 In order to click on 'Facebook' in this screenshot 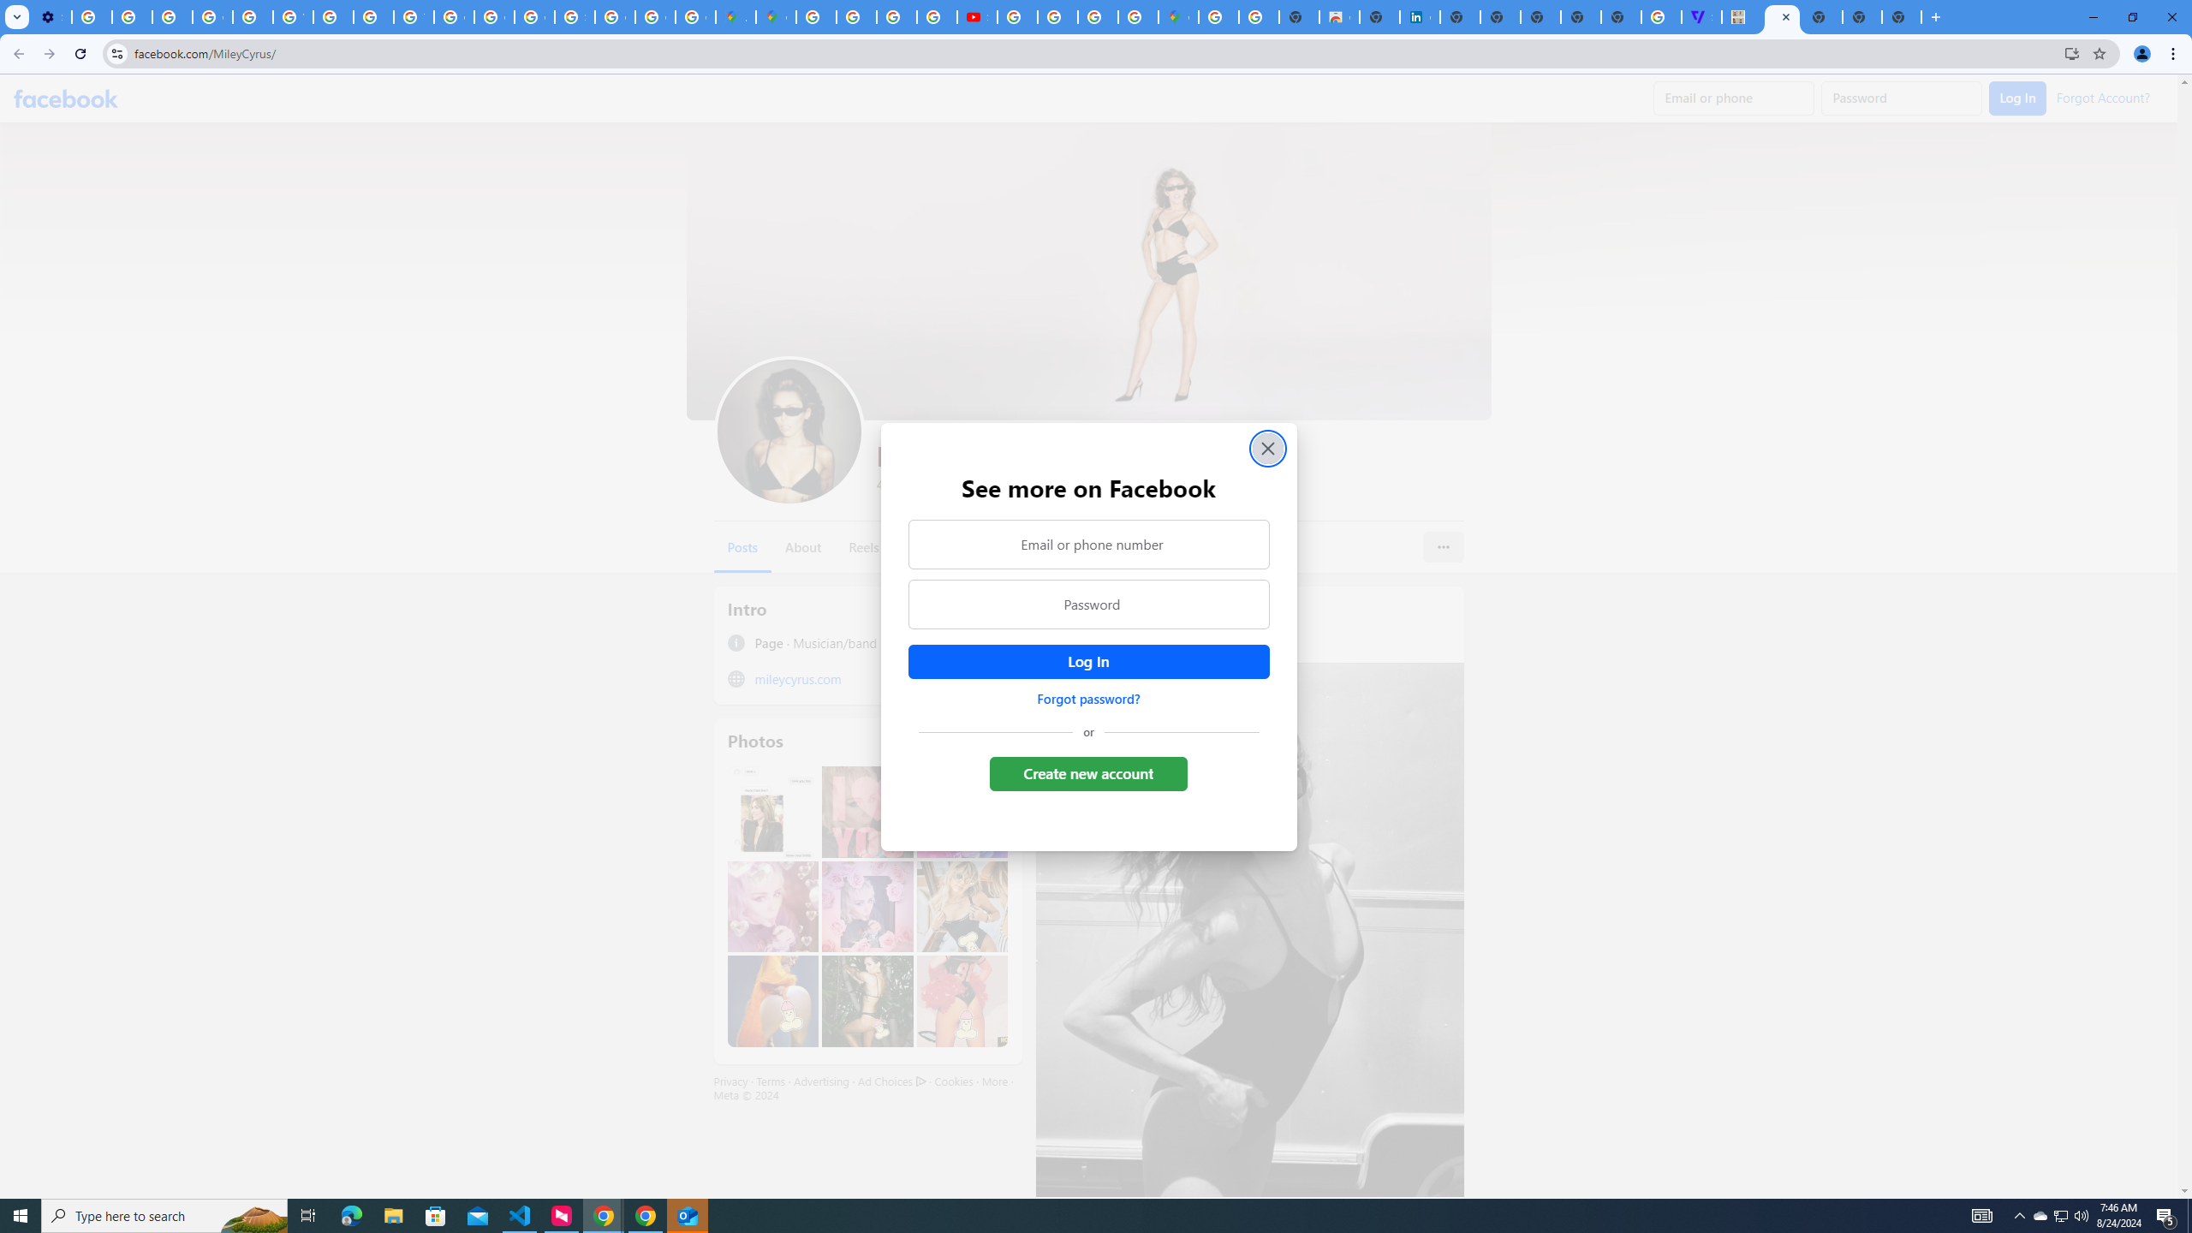, I will do `click(66, 98)`.